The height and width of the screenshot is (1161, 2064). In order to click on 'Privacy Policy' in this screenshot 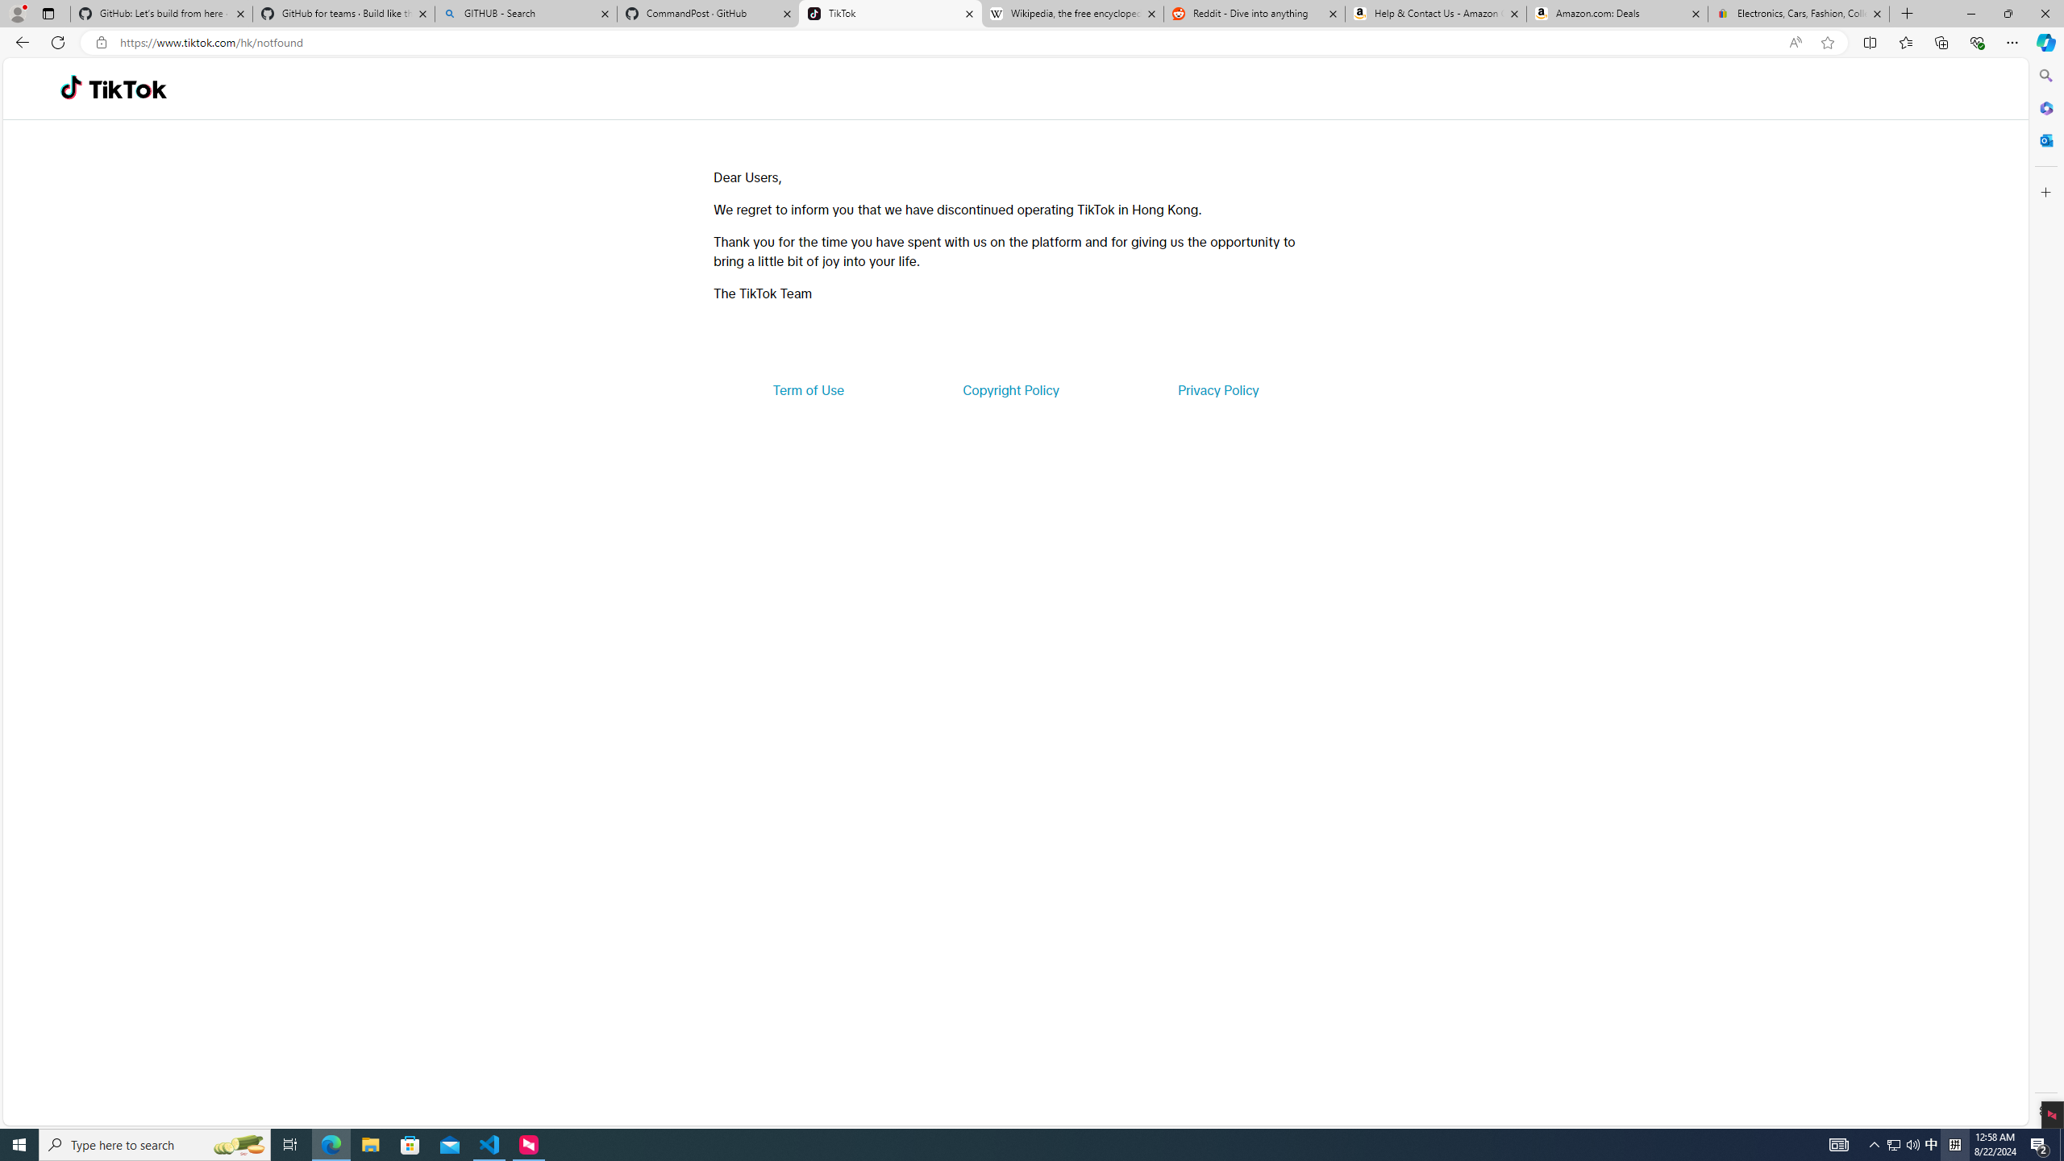, I will do `click(1217, 389)`.